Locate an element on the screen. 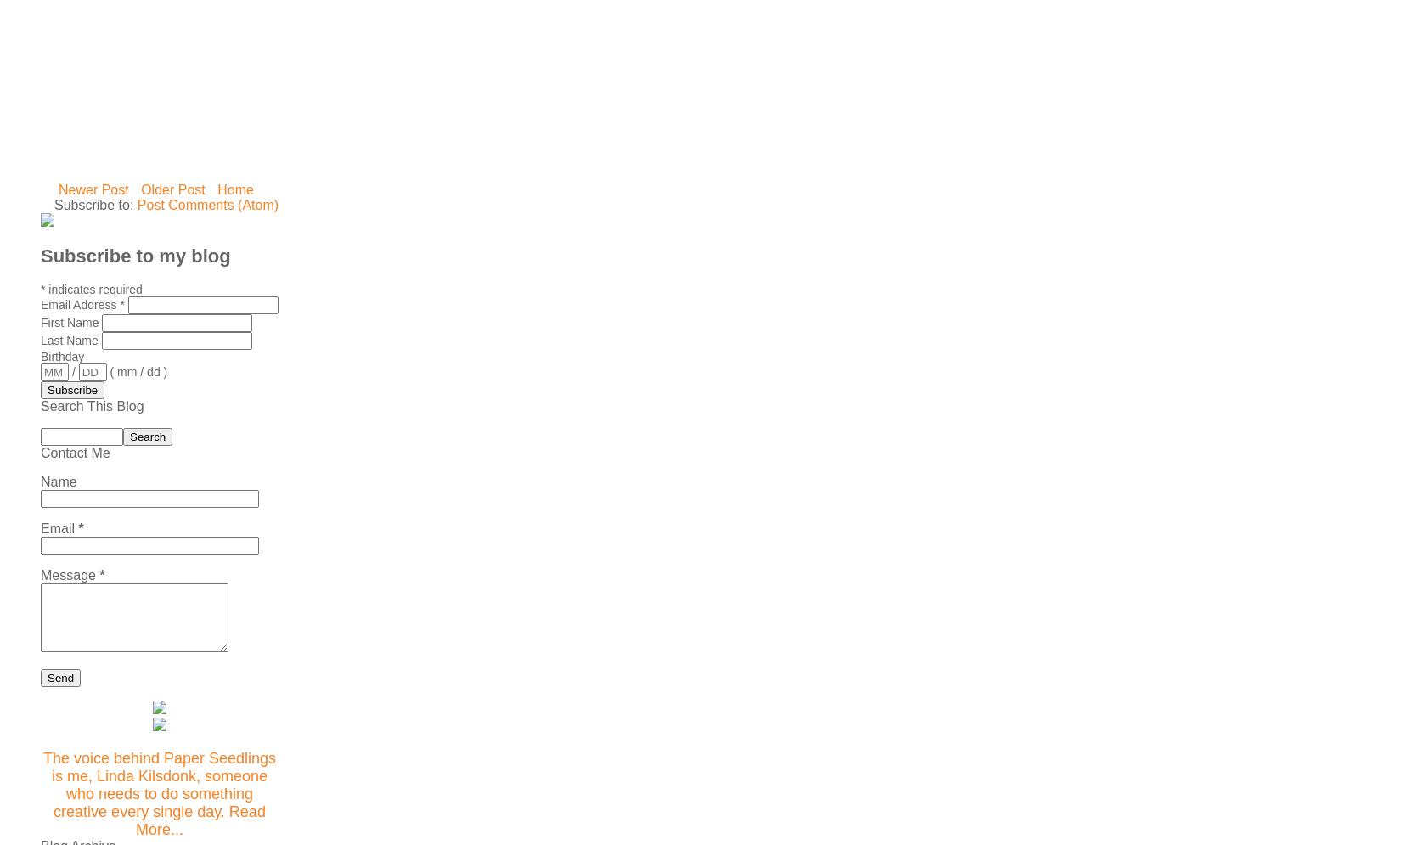  'Post Comments (Atom)' is located at coordinates (136, 204).